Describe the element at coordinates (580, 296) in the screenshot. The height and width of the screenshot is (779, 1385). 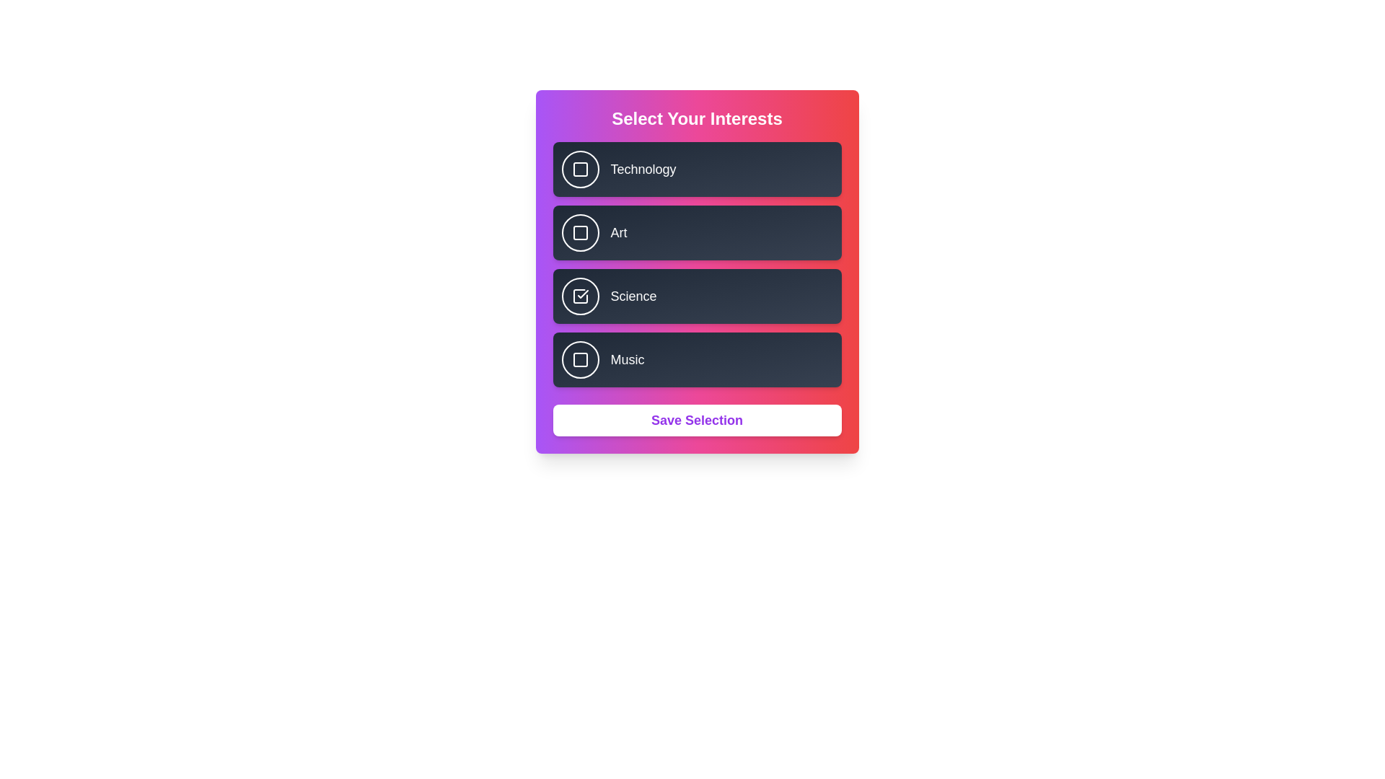
I see `the button corresponding to Science to observe its hover effect` at that location.